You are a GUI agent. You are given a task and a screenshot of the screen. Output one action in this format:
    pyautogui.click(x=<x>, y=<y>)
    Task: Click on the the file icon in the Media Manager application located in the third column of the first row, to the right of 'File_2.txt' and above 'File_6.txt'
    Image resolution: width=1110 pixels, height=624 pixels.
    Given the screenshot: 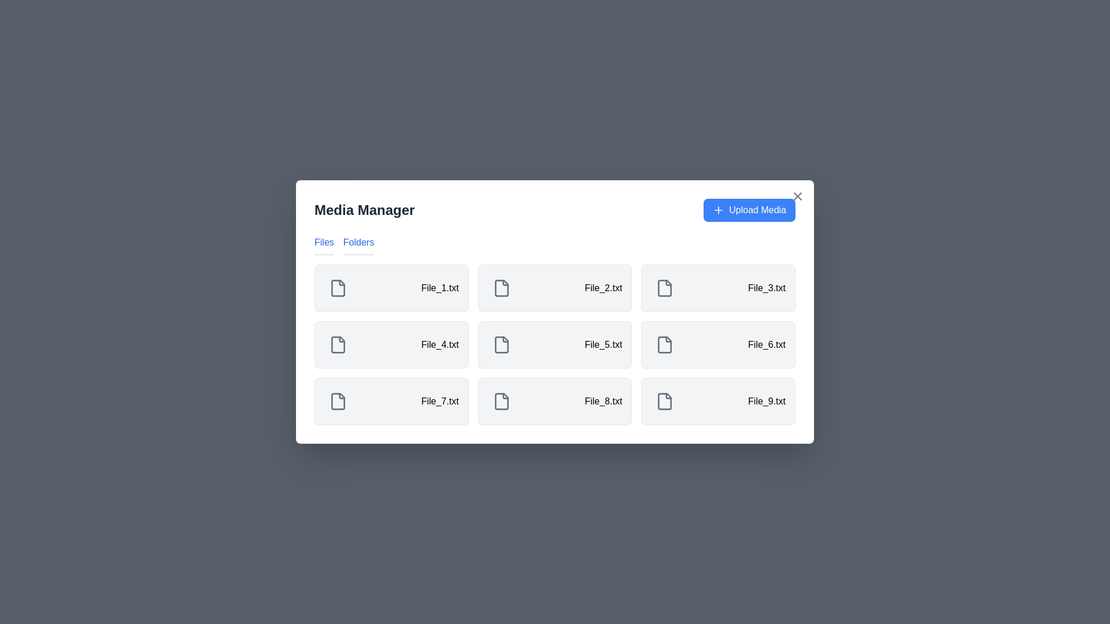 What is the action you would take?
    pyautogui.click(x=665, y=287)
    